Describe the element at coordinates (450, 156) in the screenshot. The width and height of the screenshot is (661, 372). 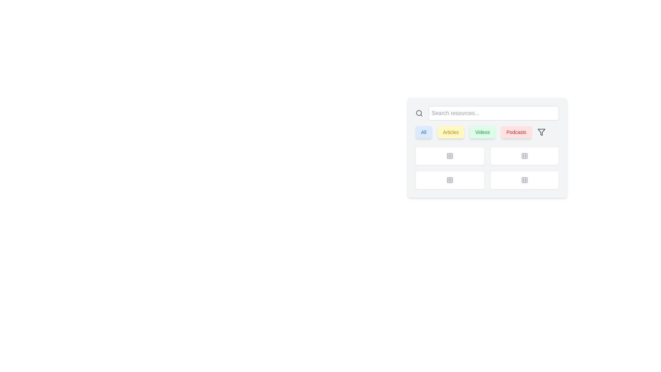
I see `the button displaying a grid icon with a white background and light gray border` at that location.